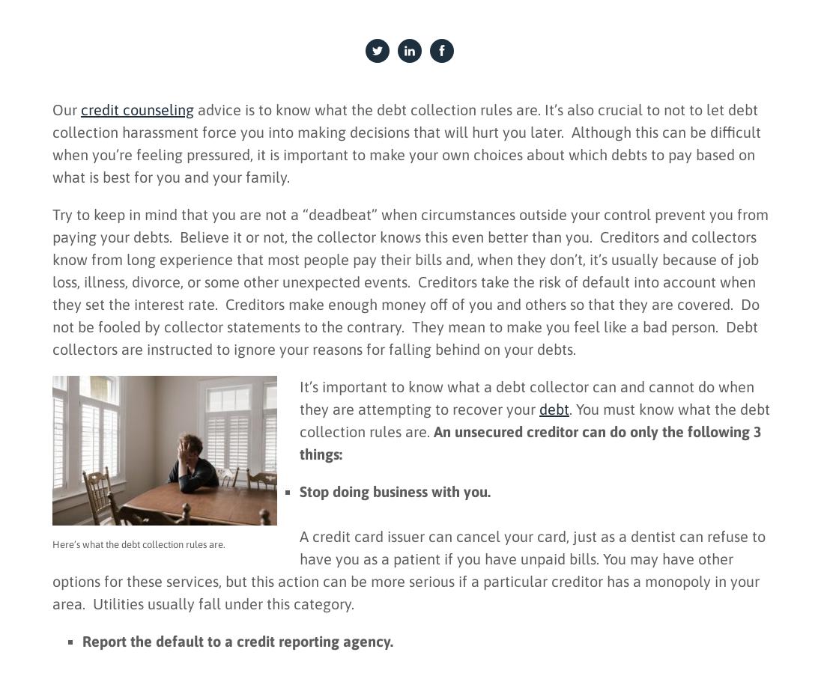 The height and width of the screenshot is (679, 824). Describe the element at coordinates (192, 481) in the screenshot. I see `'management services for consumers nationwide. Our certified credit counselors provide financial education for anyone wanting to learn'` at that location.